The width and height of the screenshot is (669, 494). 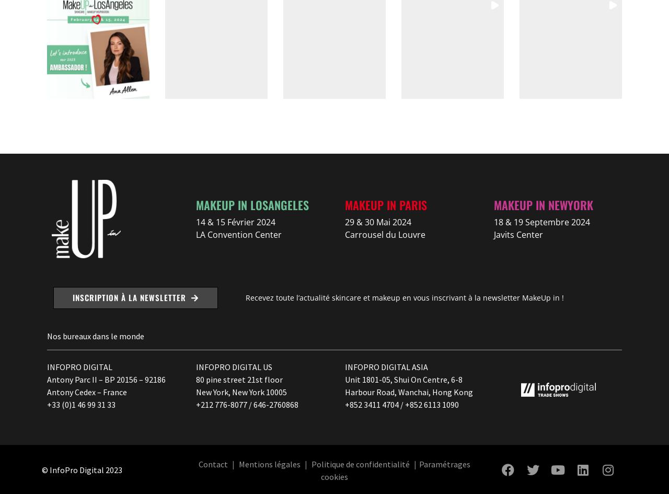 What do you see at coordinates (269, 463) in the screenshot?
I see `'Mentions légales'` at bounding box center [269, 463].